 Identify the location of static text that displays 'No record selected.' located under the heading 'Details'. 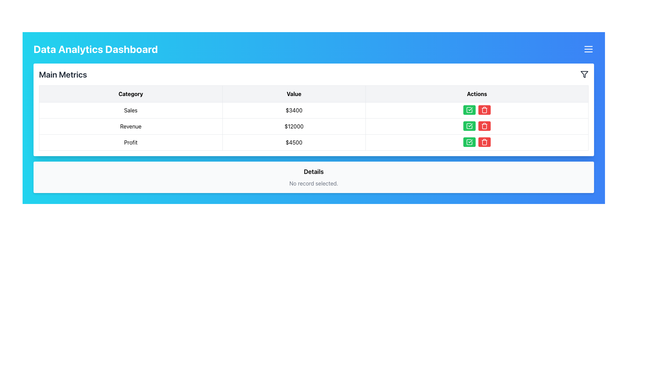
(313, 183).